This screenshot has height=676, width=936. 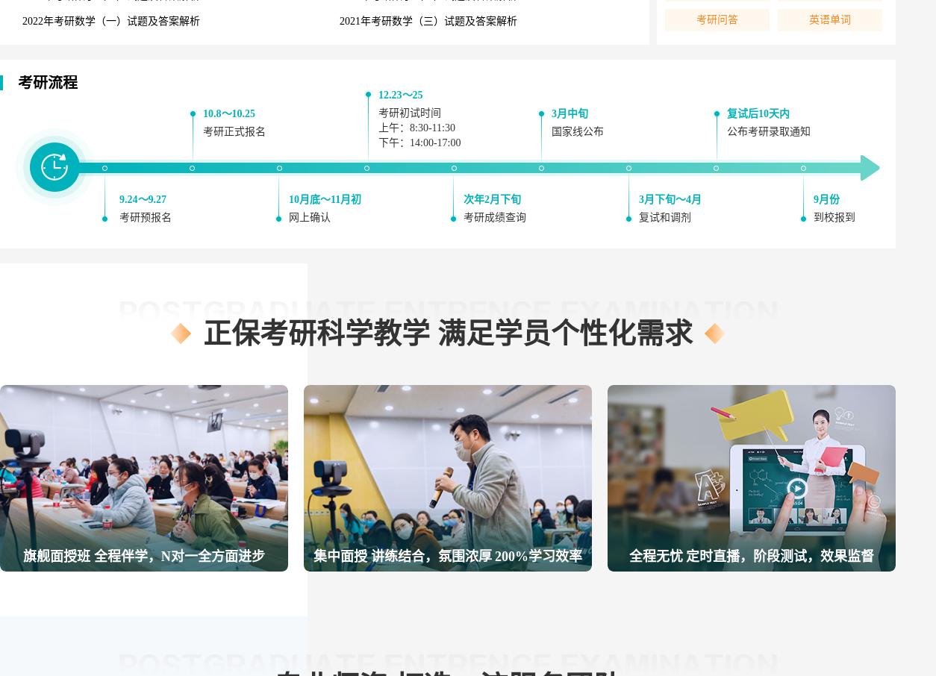 I want to click on '10.8～10.25', so click(x=228, y=113).